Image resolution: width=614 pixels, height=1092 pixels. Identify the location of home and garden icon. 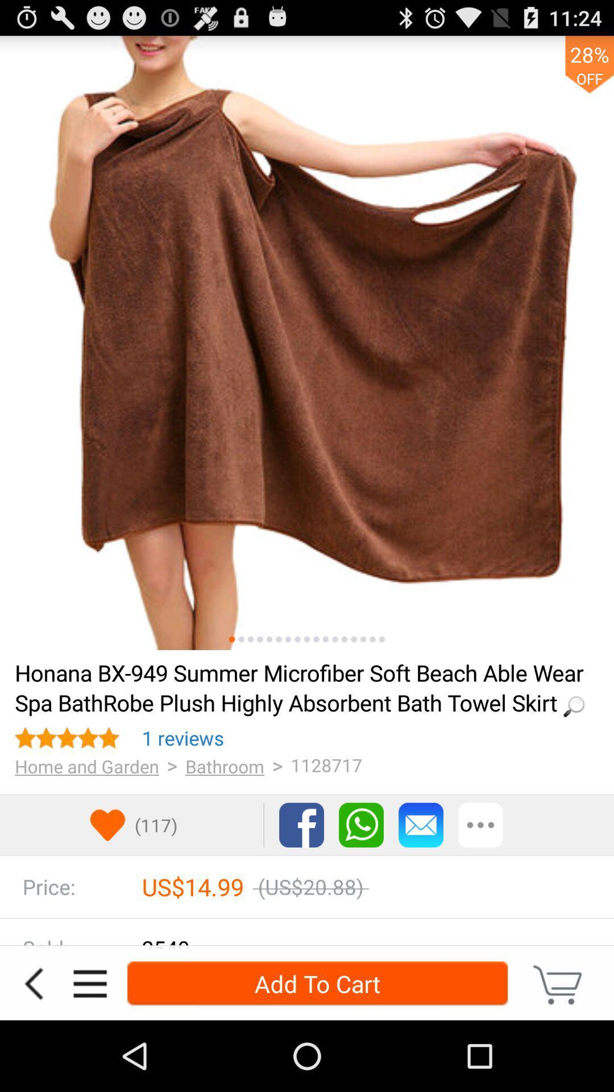
(86, 766).